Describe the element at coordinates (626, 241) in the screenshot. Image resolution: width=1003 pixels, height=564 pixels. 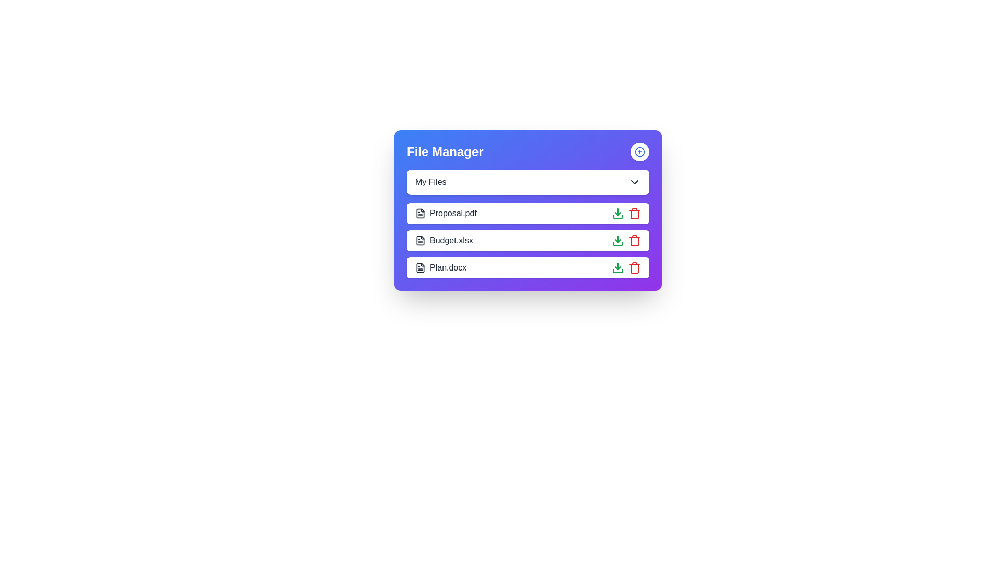
I see `the green download icon located in the group of icons adjacent to the file named 'Budget.xlsx' in the second row of the file listing interface` at that location.